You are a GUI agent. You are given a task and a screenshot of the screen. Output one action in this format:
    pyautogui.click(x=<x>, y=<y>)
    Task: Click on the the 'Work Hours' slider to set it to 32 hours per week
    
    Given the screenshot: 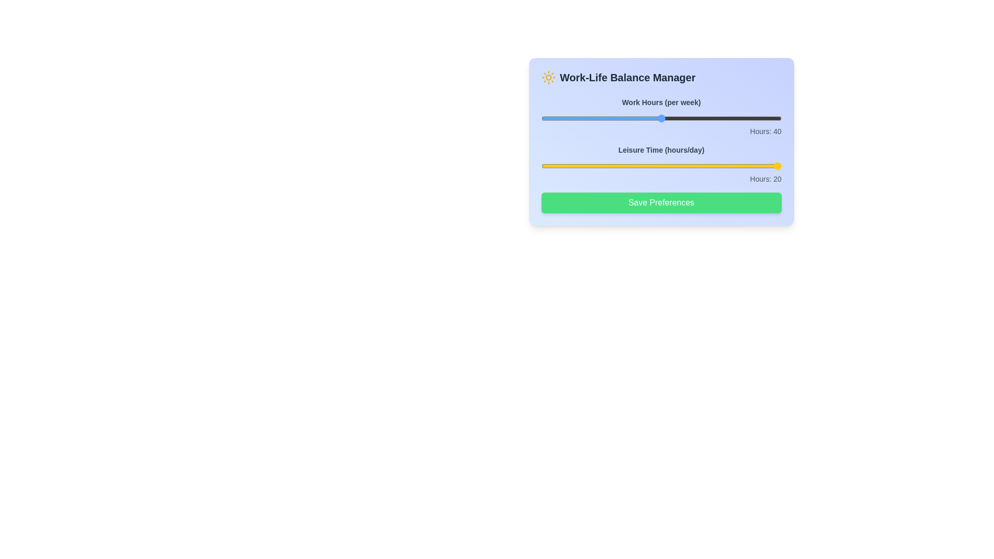 What is the action you would take?
    pyautogui.click(x=613, y=117)
    